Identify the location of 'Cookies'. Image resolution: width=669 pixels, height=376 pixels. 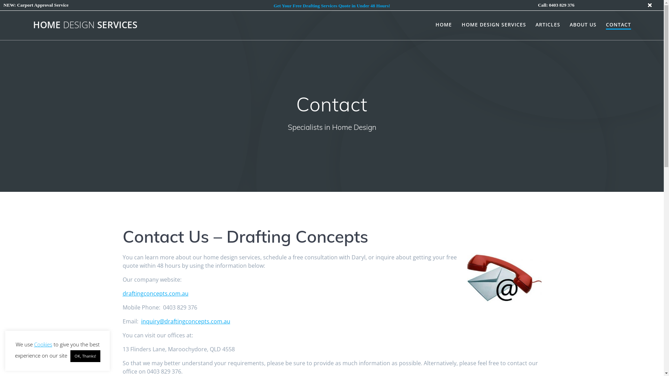
(43, 344).